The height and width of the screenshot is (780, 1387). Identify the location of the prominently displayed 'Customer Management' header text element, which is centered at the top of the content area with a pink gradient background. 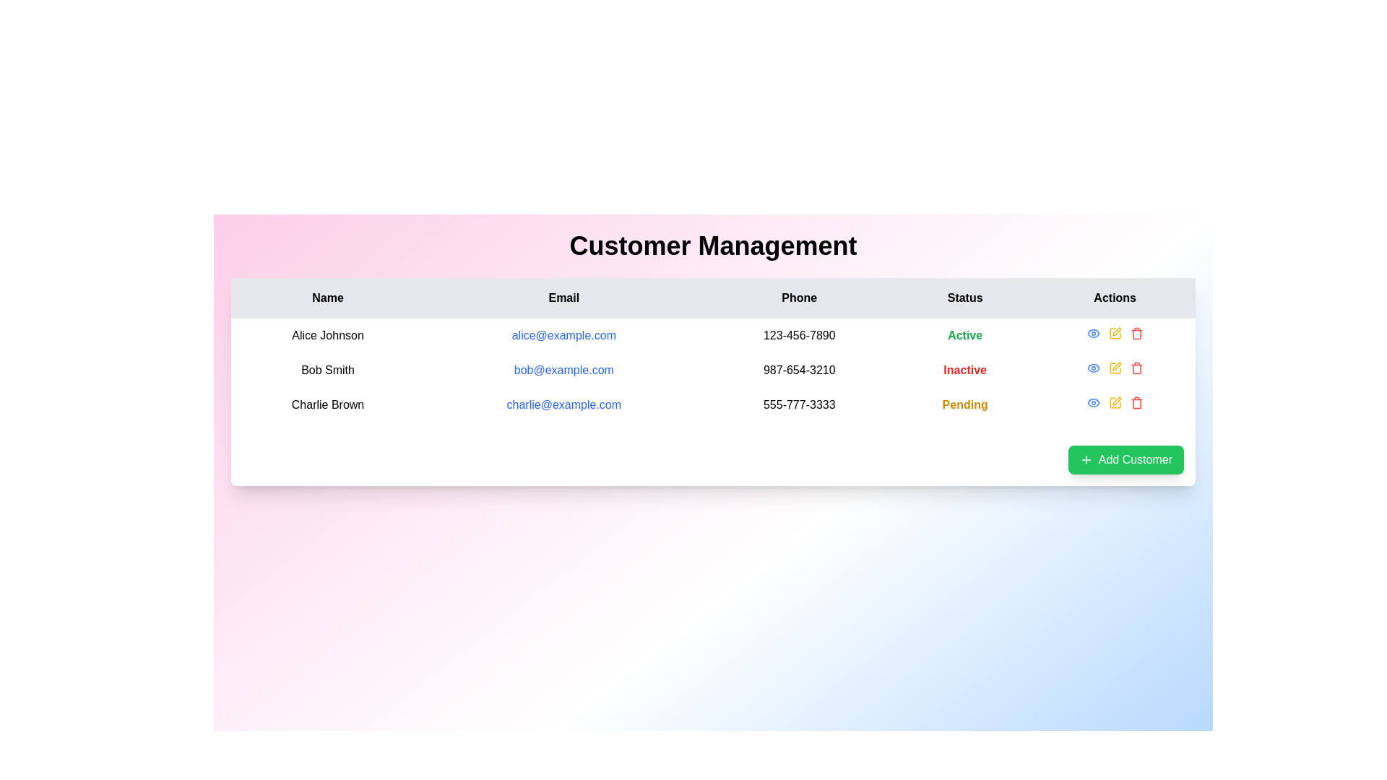
(713, 245).